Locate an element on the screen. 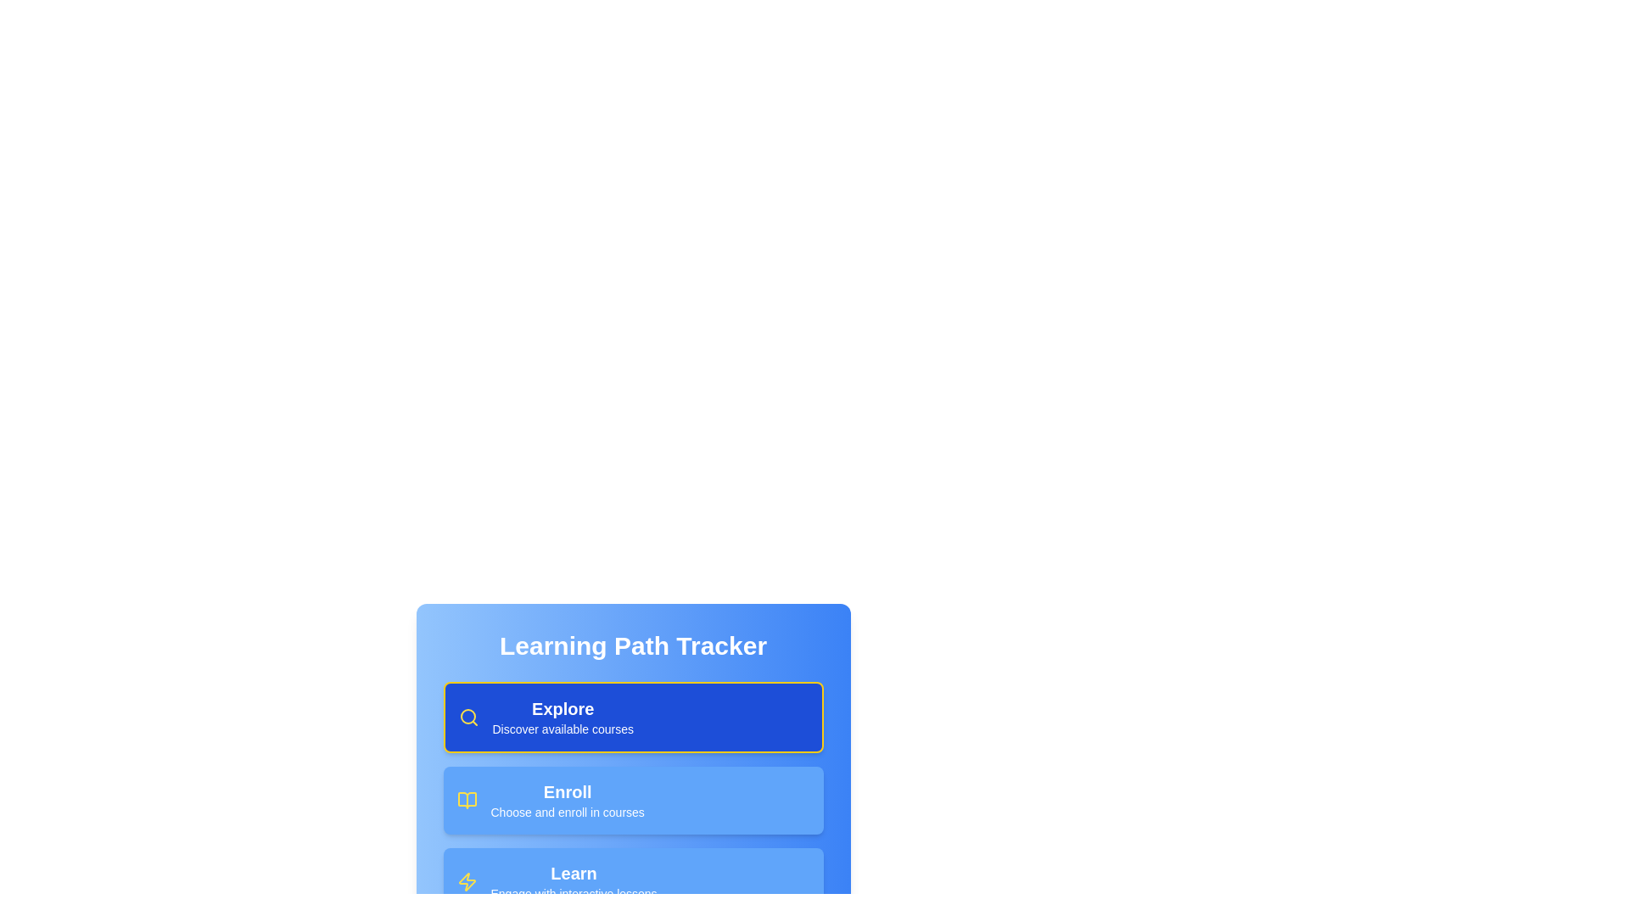 This screenshot has width=1629, height=916. the title text for the interactive lessons section, located below the 'Enroll' section and above the supporting text 'Engage with interactive lessons' is located at coordinates (574, 873).